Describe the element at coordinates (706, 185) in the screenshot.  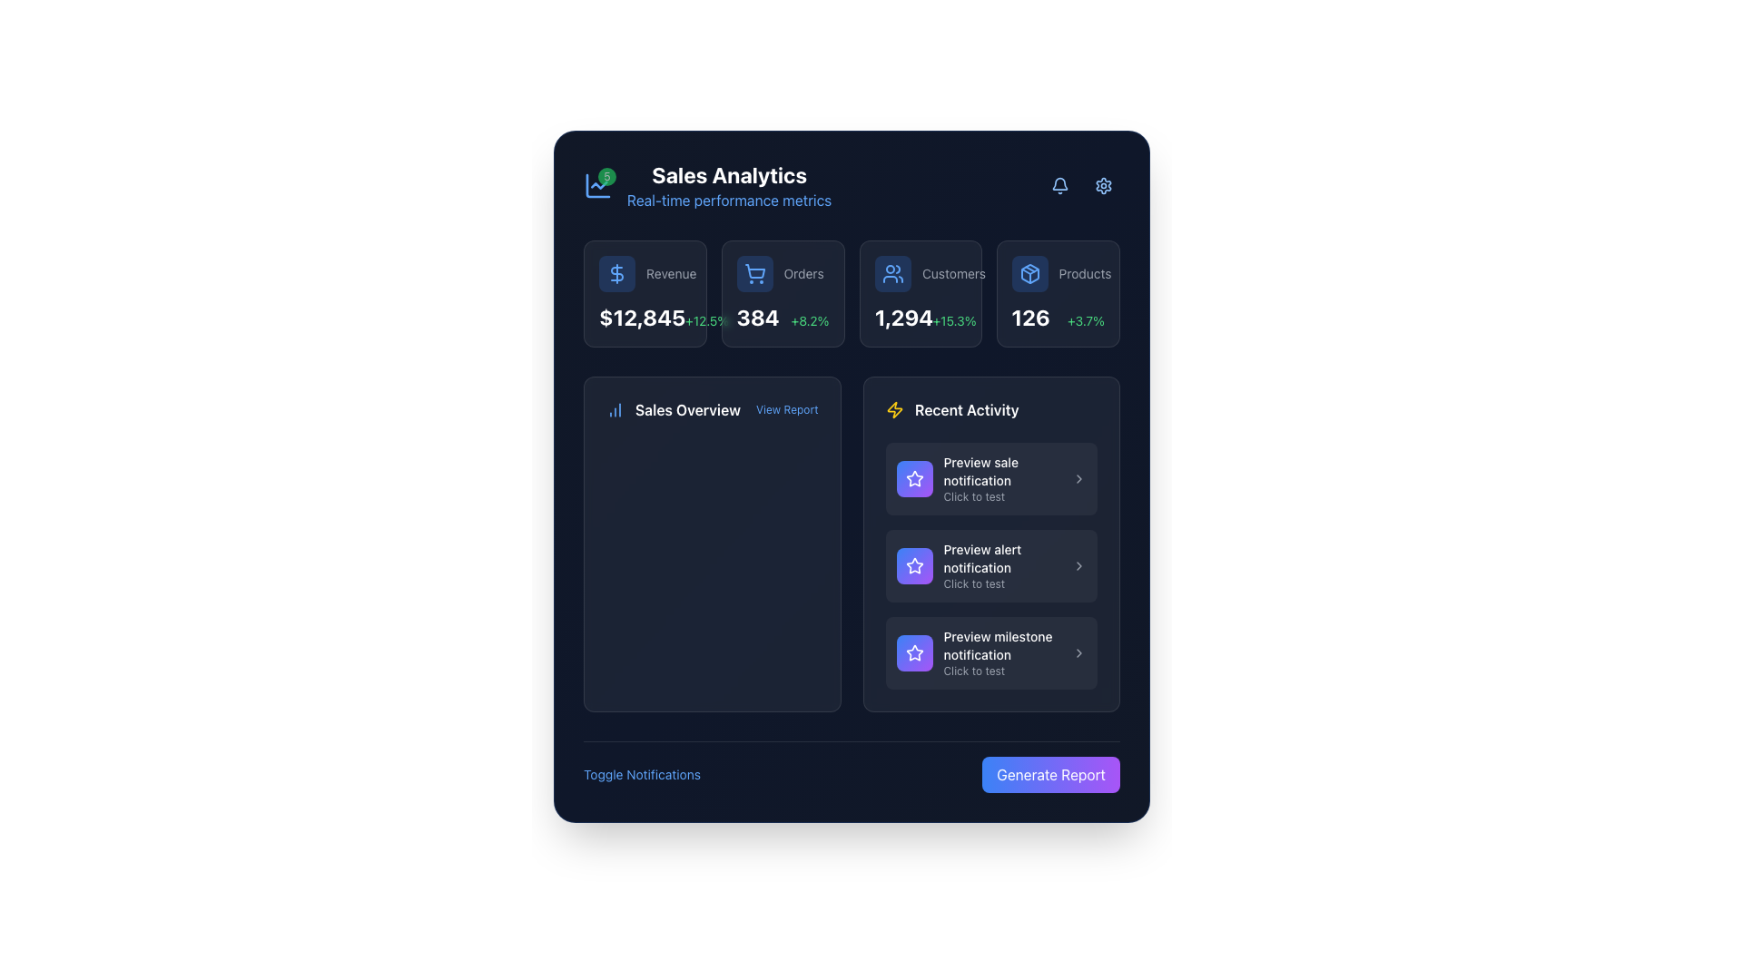
I see `displayed text from the Header with badge and descriptive text located at the top-left corner of its section, which serves as the title for the dashboard and provides summary information` at that location.